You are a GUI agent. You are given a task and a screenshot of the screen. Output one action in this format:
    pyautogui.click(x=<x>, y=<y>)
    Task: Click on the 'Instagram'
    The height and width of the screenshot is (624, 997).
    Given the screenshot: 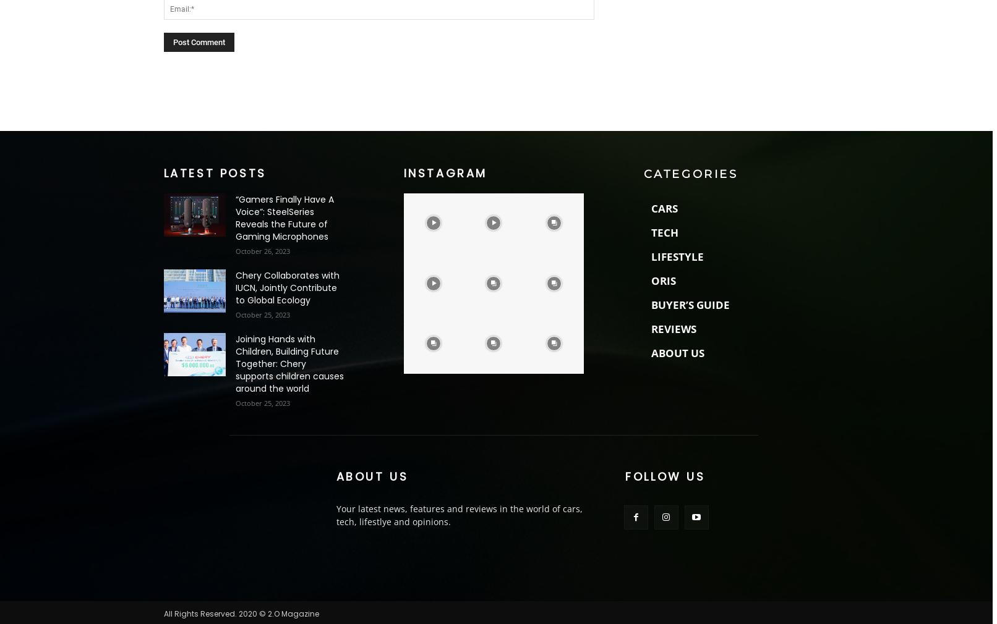 What is the action you would take?
    pyautogui.click(x=445, y=172)
    